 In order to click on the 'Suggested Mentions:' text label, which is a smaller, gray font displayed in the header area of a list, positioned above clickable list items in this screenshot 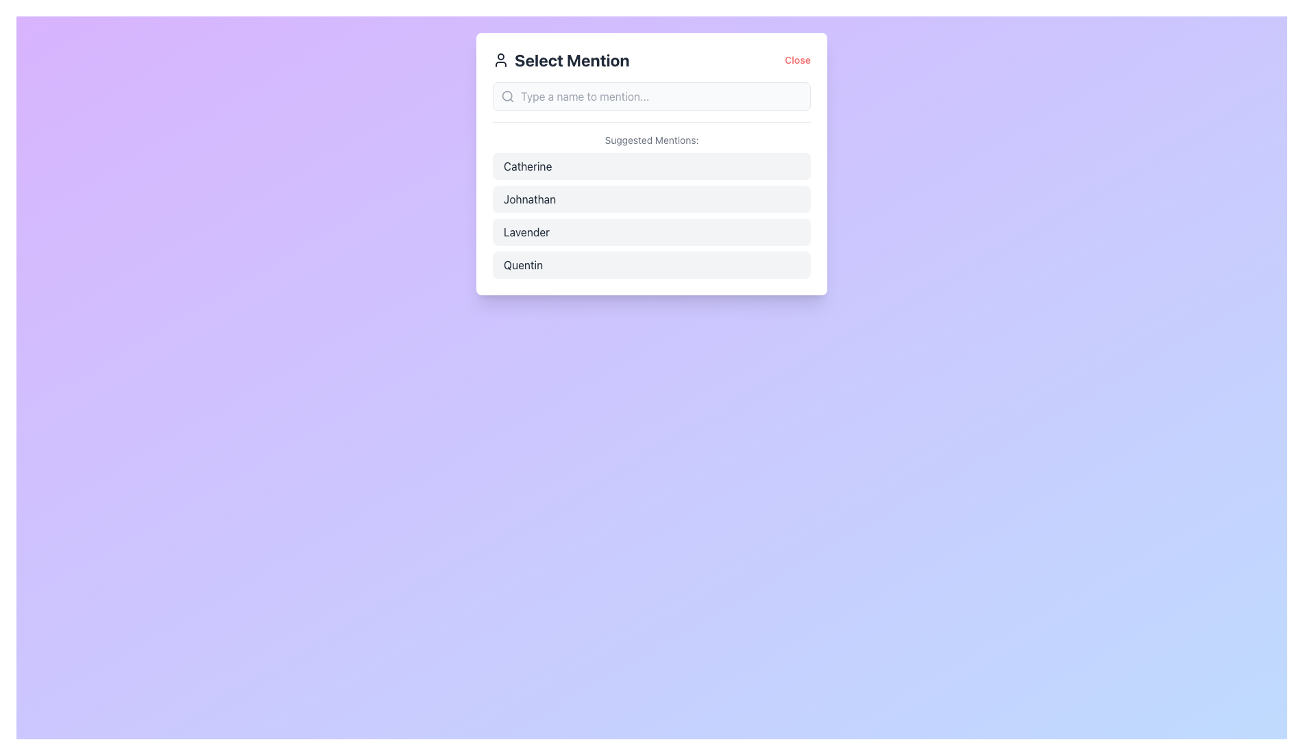, I will do `click(650, 140)`.